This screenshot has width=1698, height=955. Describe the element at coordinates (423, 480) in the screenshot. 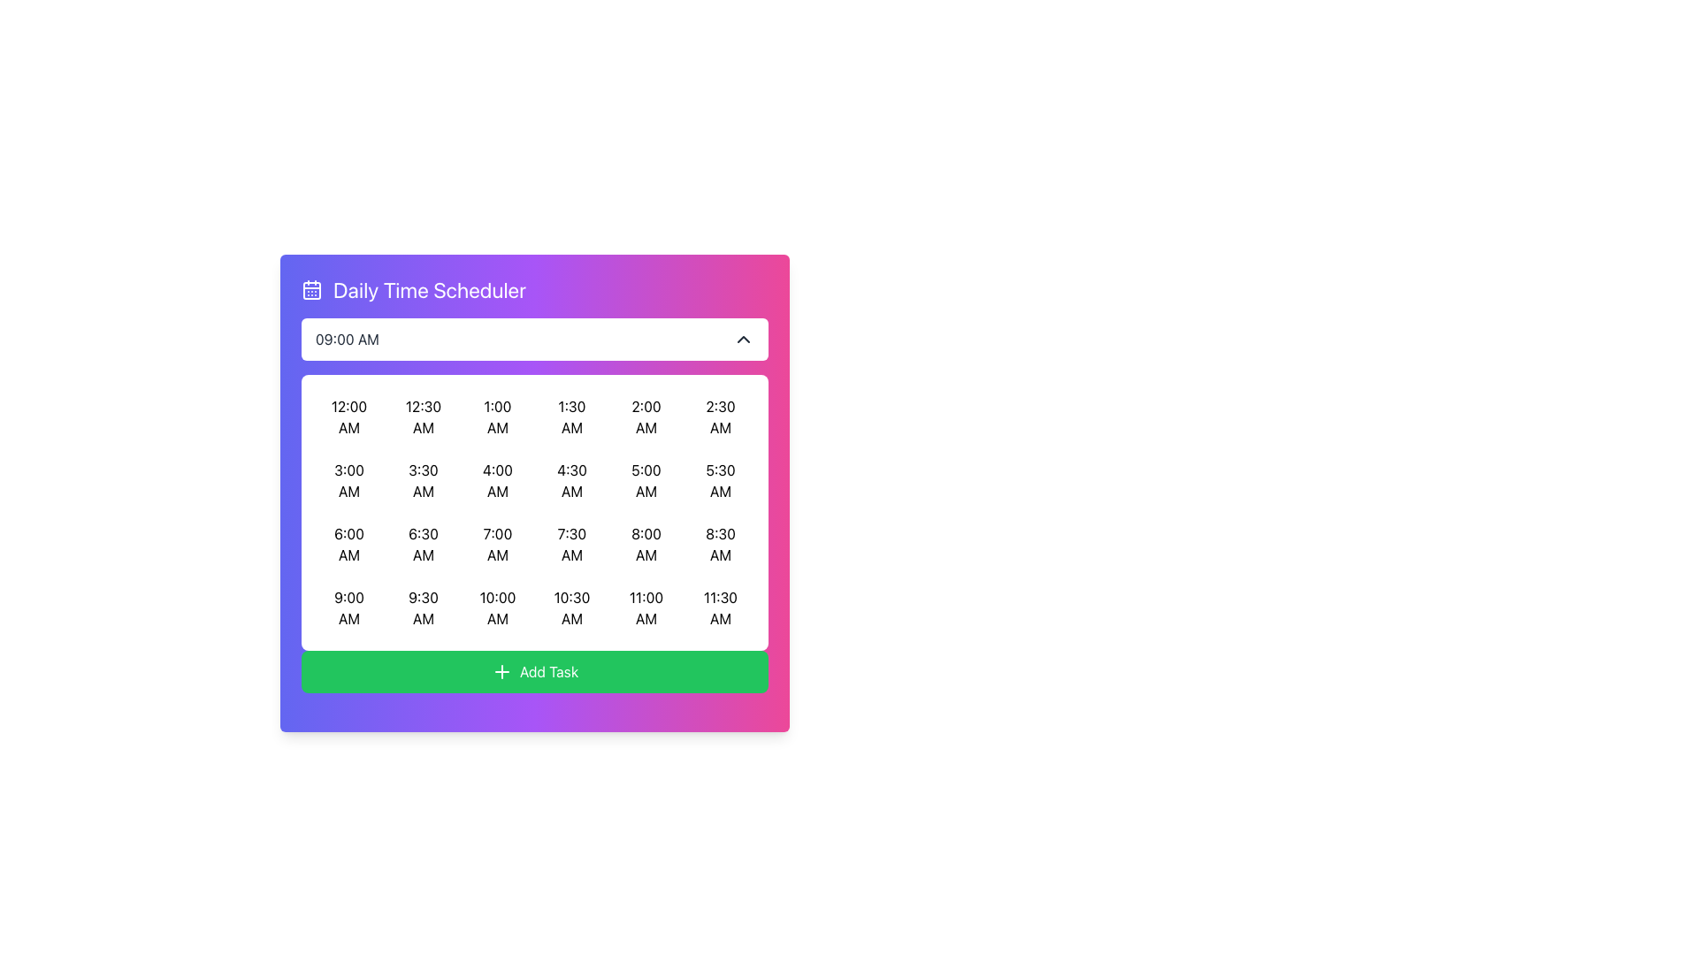

I see `the button in the second row and second column of the 'Daily Time Scheduler'` at that location.